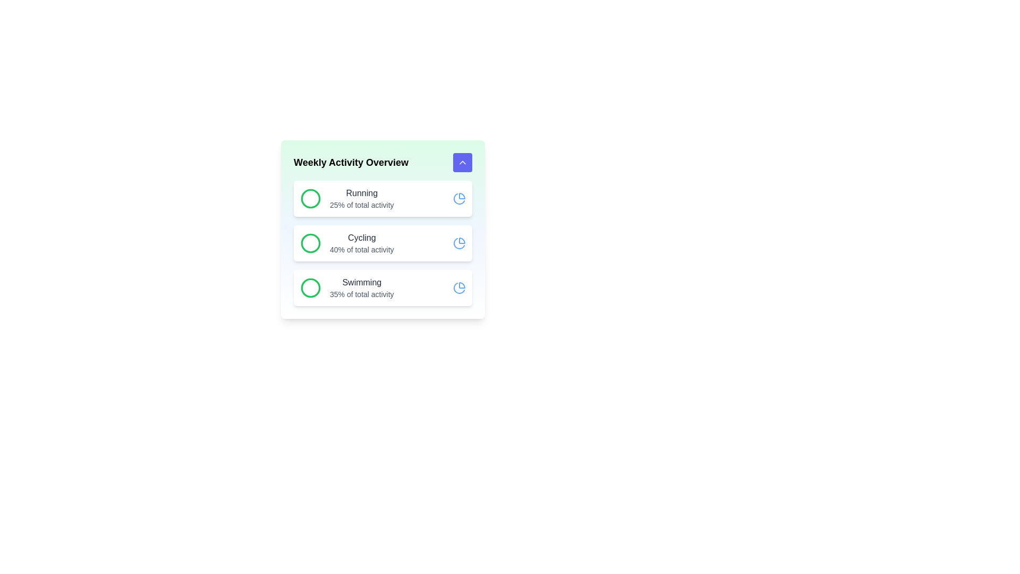 The height and width of the screenshot is (574, 1020). What do you see at coordinates (362, 237) in the screenshot?
I see `the 'Cycling' text label in the Weekly Activity Overview section, which is located in the second row of the list and appears above '40% of total activity'` at bounding box center [362, 237].